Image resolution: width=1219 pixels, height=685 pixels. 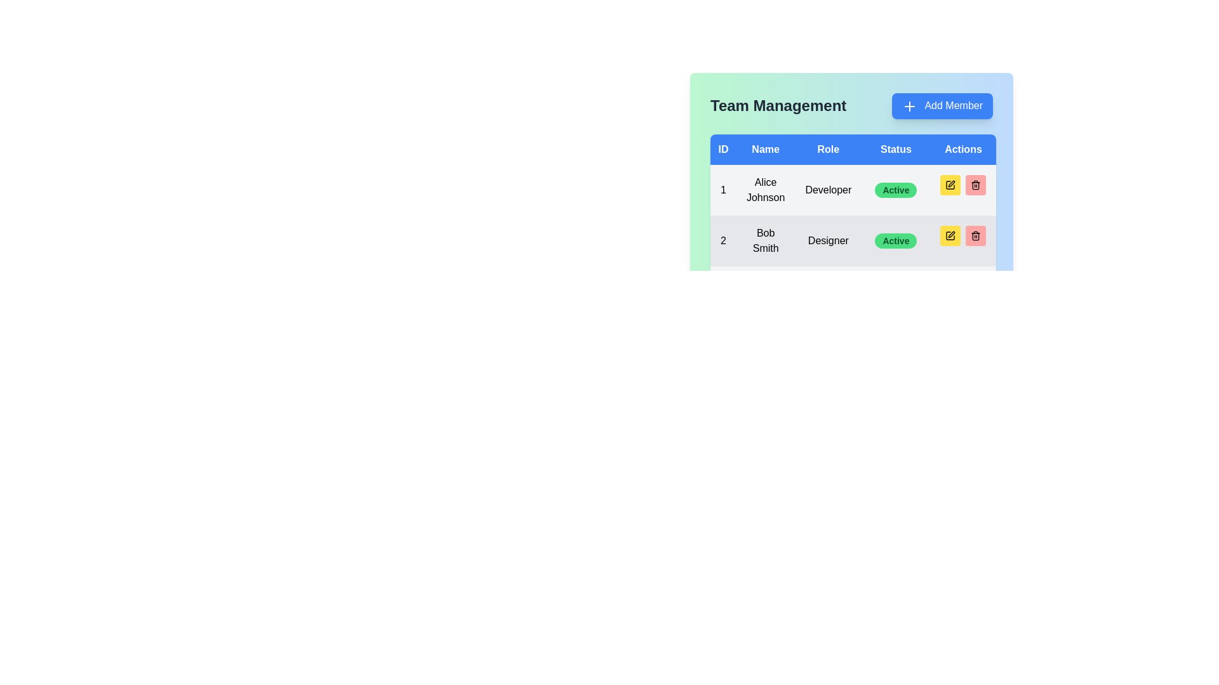 I want to click on the Label element that identifies the action buttons column in the table, located at the top-right section of the header row, so click(x=963, y=148).